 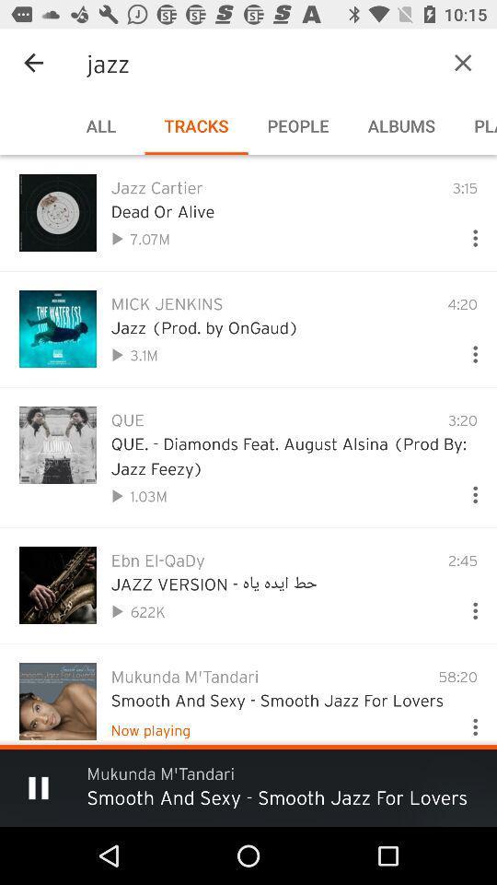 I want to click on the cross icon, so click(x=434, y=63).